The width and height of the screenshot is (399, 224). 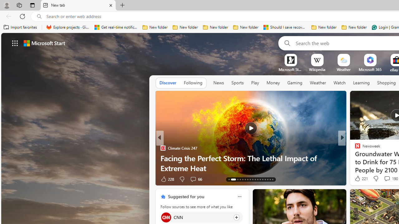 What do you see at coordinates (284, 27) in the screenshot?
I see `'Should I save recovered Word documents? - Microsoft Support'` at bounding box center [284, 27].